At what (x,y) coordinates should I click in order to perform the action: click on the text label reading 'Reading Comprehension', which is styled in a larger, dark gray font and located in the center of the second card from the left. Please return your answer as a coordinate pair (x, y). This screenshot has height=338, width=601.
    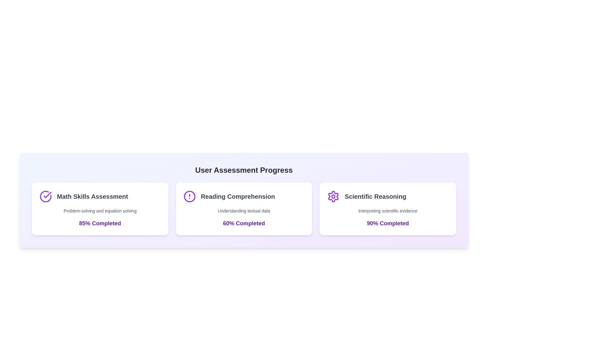
    Looking at the image, I should click on (237, 196).